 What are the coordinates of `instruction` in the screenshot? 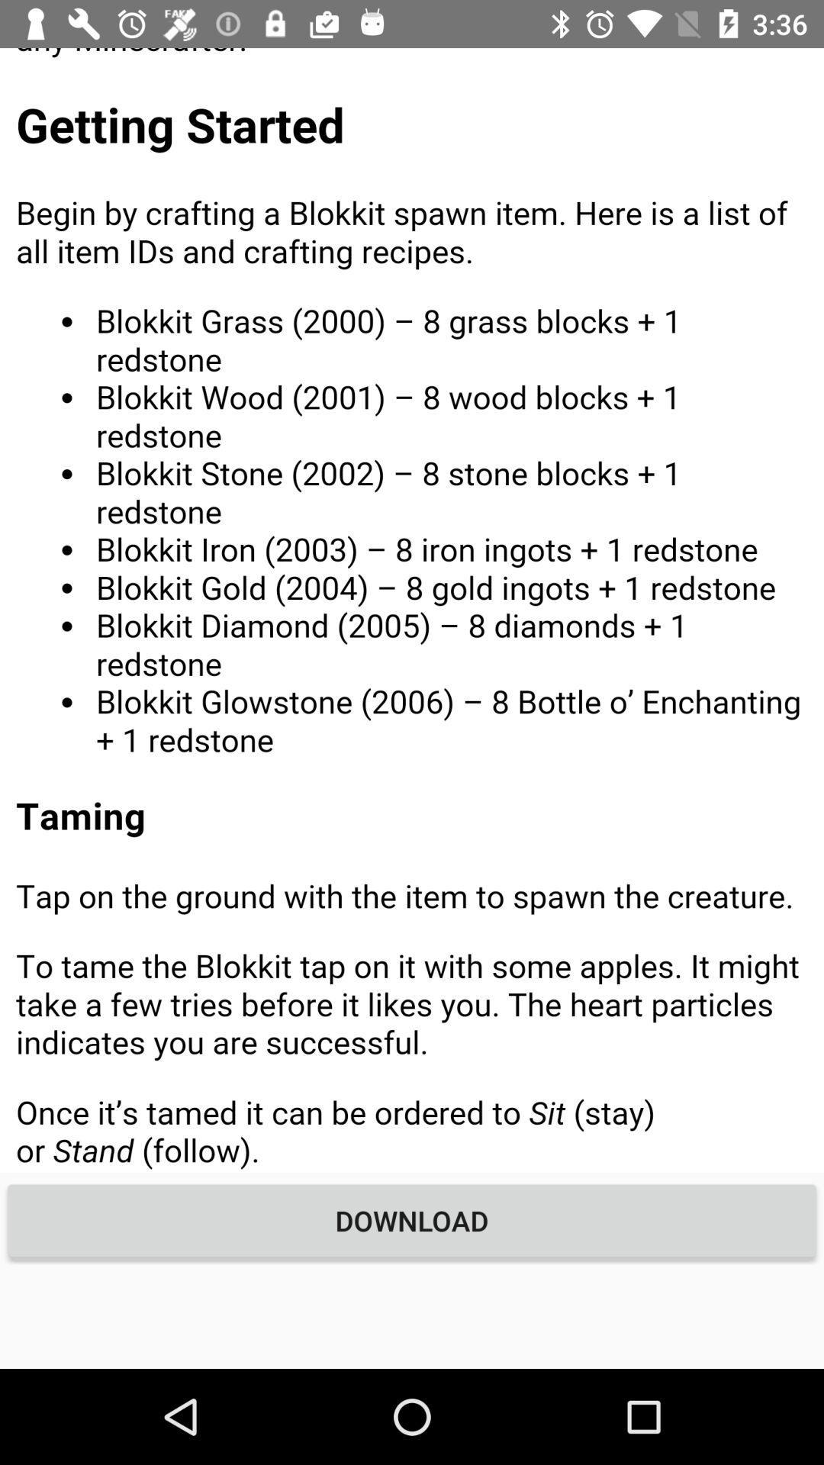 It's located at (412, 609).